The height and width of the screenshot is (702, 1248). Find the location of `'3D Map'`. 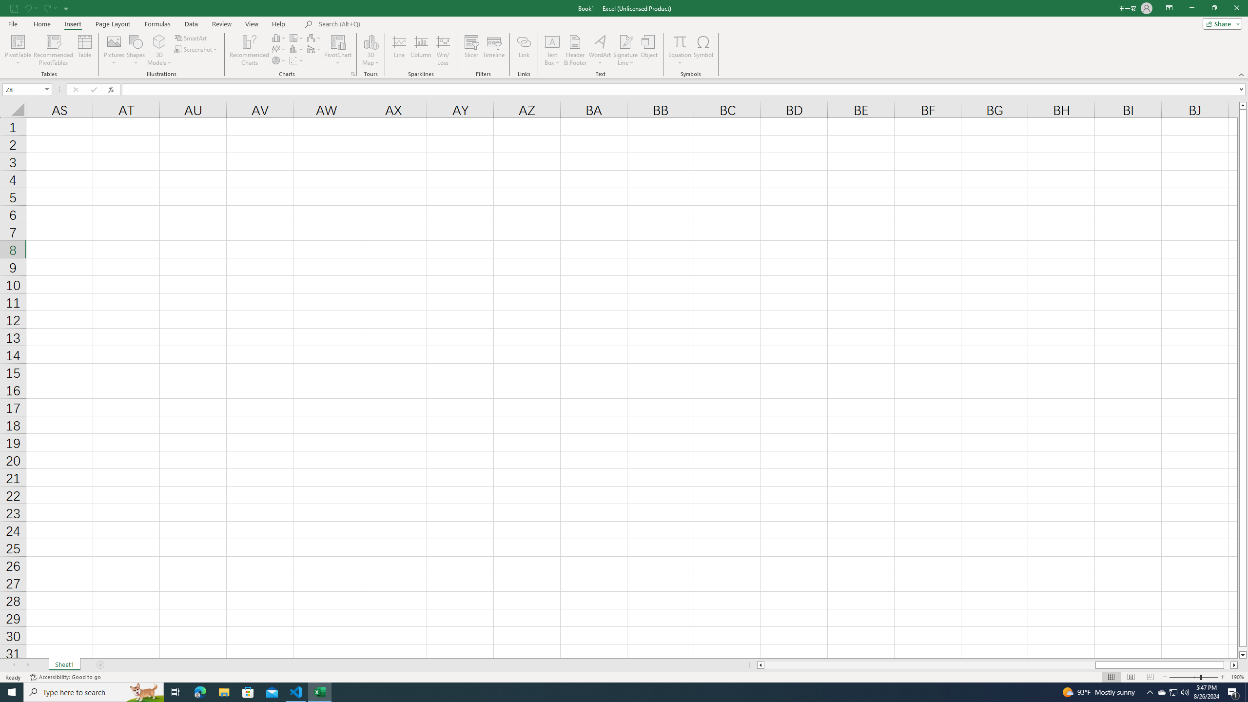

'3D Map' is located at coordinates (370, 41).